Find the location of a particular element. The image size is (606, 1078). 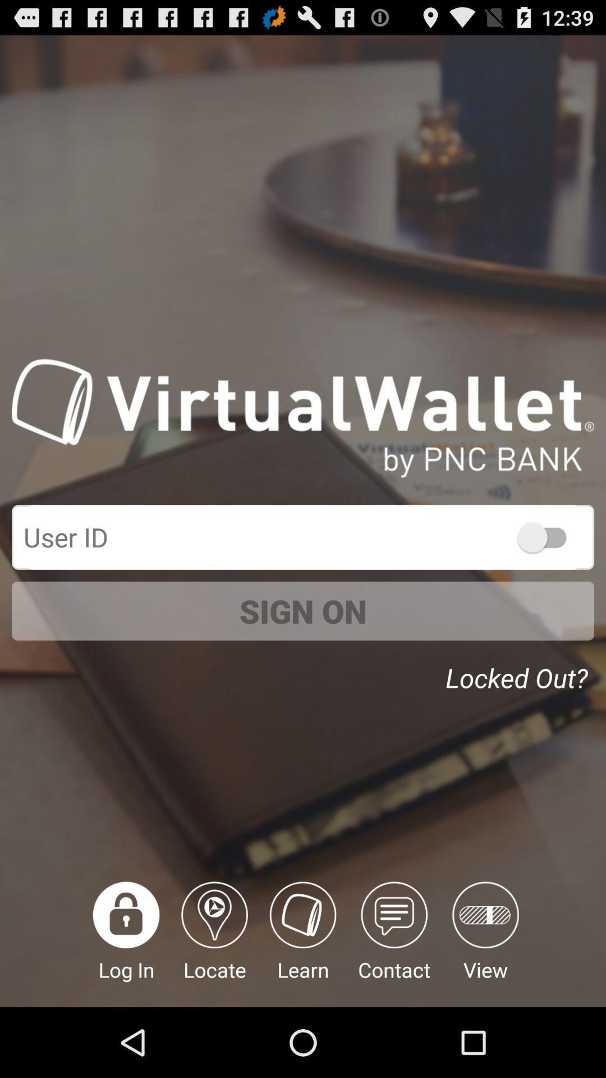

locate is located at coordinates (214, 944).